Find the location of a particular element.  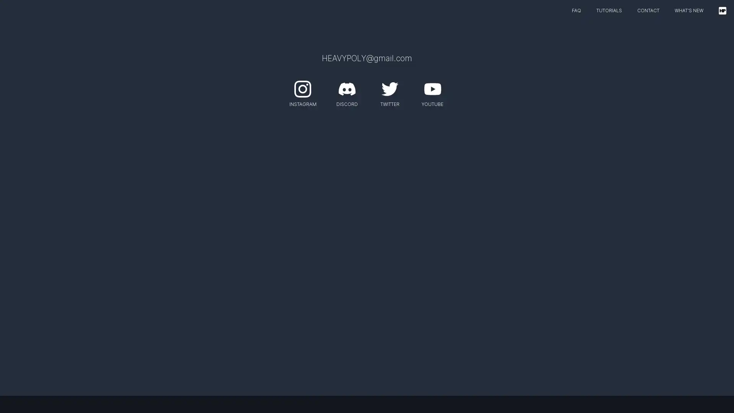

INSTAGRAM is located at coordinates (302, 91).